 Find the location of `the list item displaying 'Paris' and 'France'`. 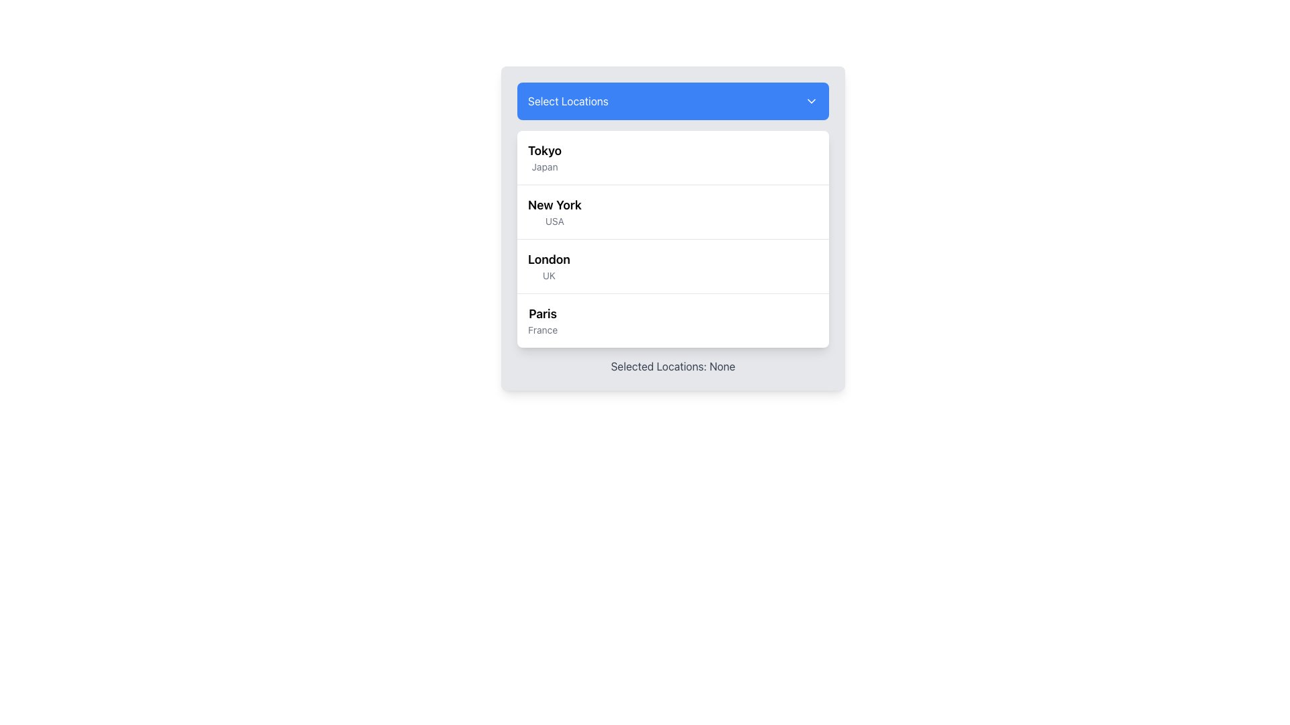

the list item displaying 'Paris' and 'France' is located at coordinates (543, 321).